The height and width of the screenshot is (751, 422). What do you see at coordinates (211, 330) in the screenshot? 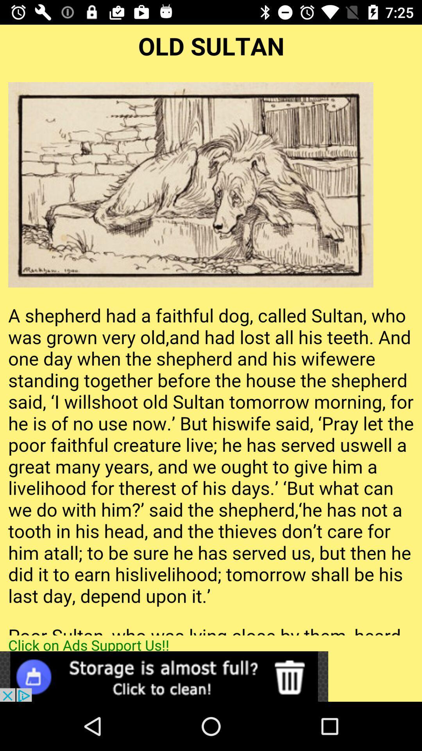
I see `pagea` at bounding box center [211, 330].